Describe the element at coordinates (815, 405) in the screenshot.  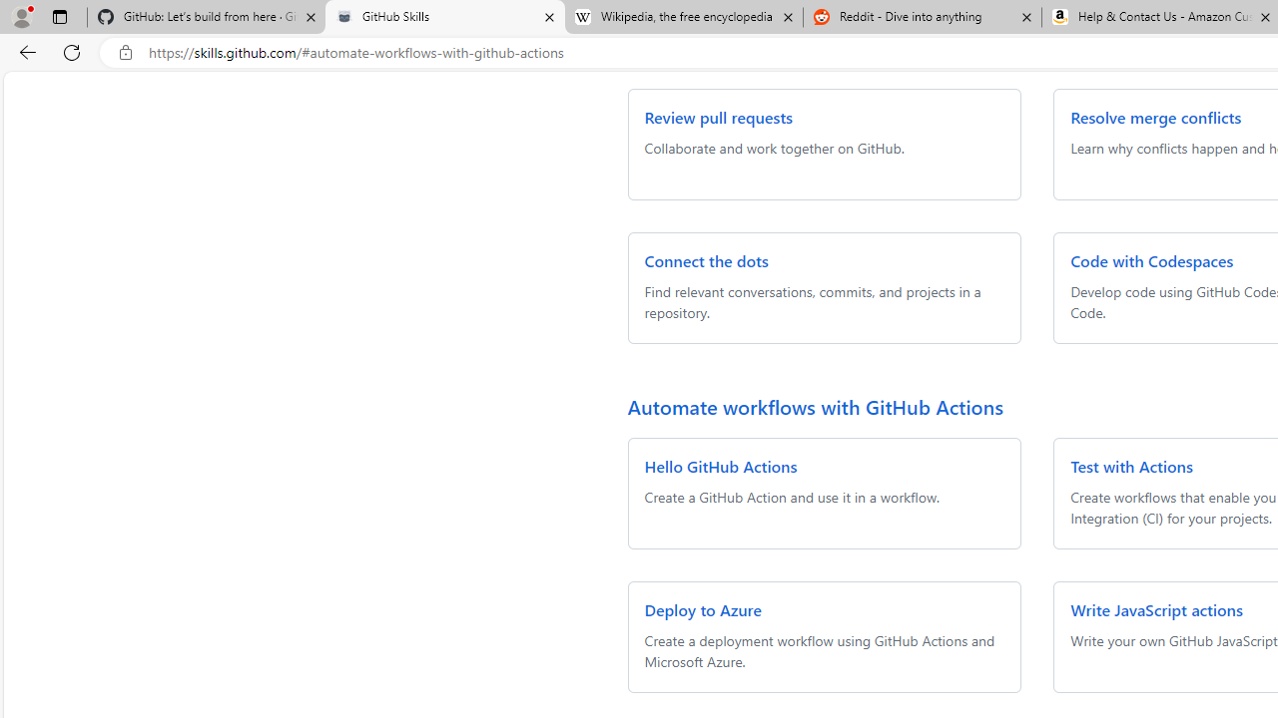
I see `'Automate workflows with GitHub Actions'` at that location.